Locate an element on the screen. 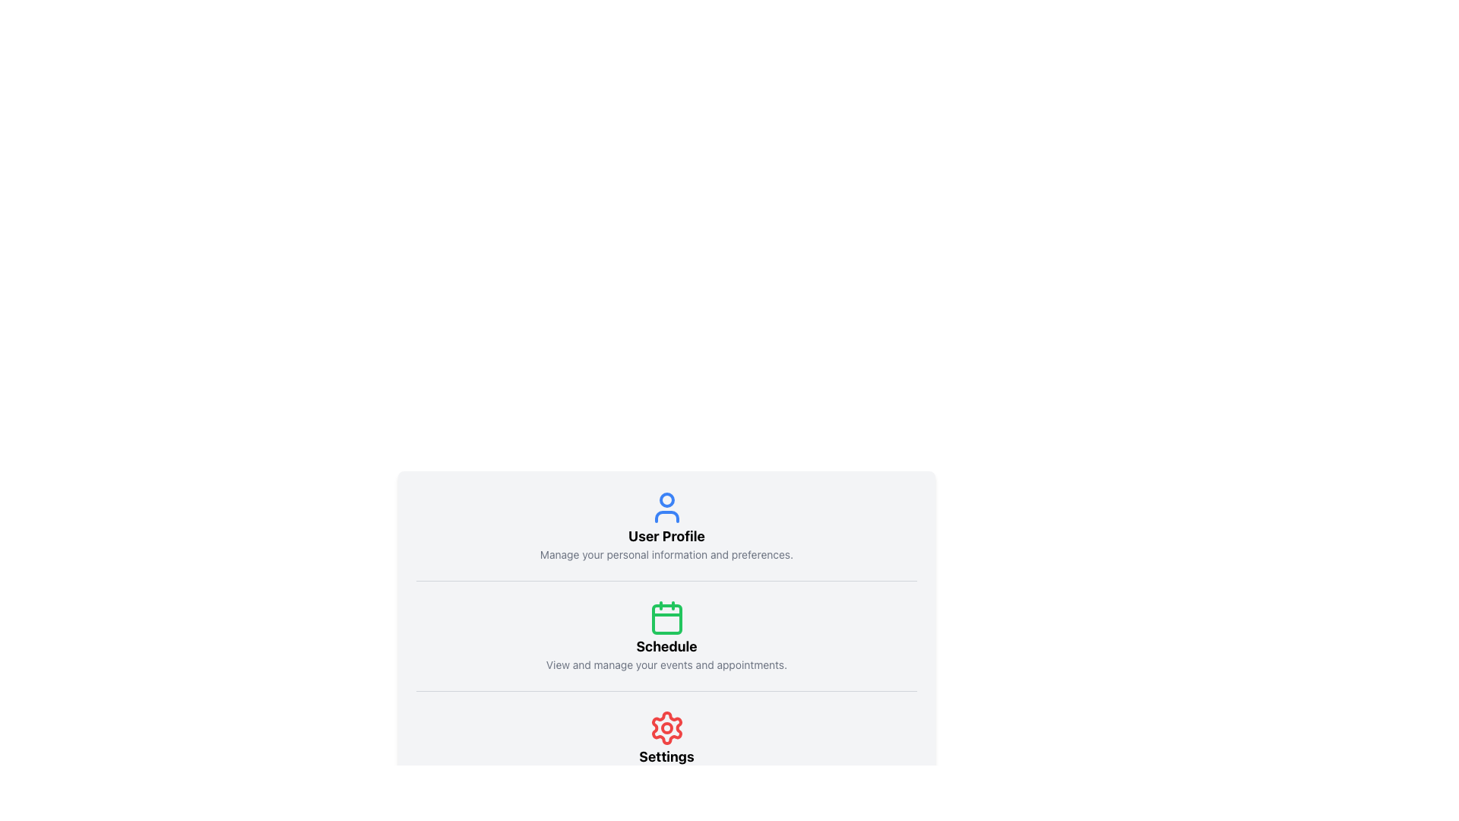 The image size is (1459, 821). the lower curved part of the user profile icon, which is enclosed within a blue circle at the topmost section of the interface is located at coordinates (666, 515).